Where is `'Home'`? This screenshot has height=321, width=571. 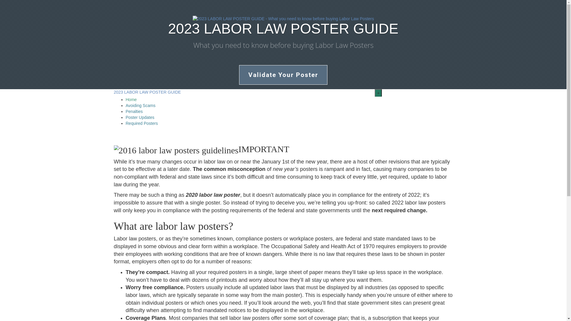 'Home' is located at coordinates (125, 99).